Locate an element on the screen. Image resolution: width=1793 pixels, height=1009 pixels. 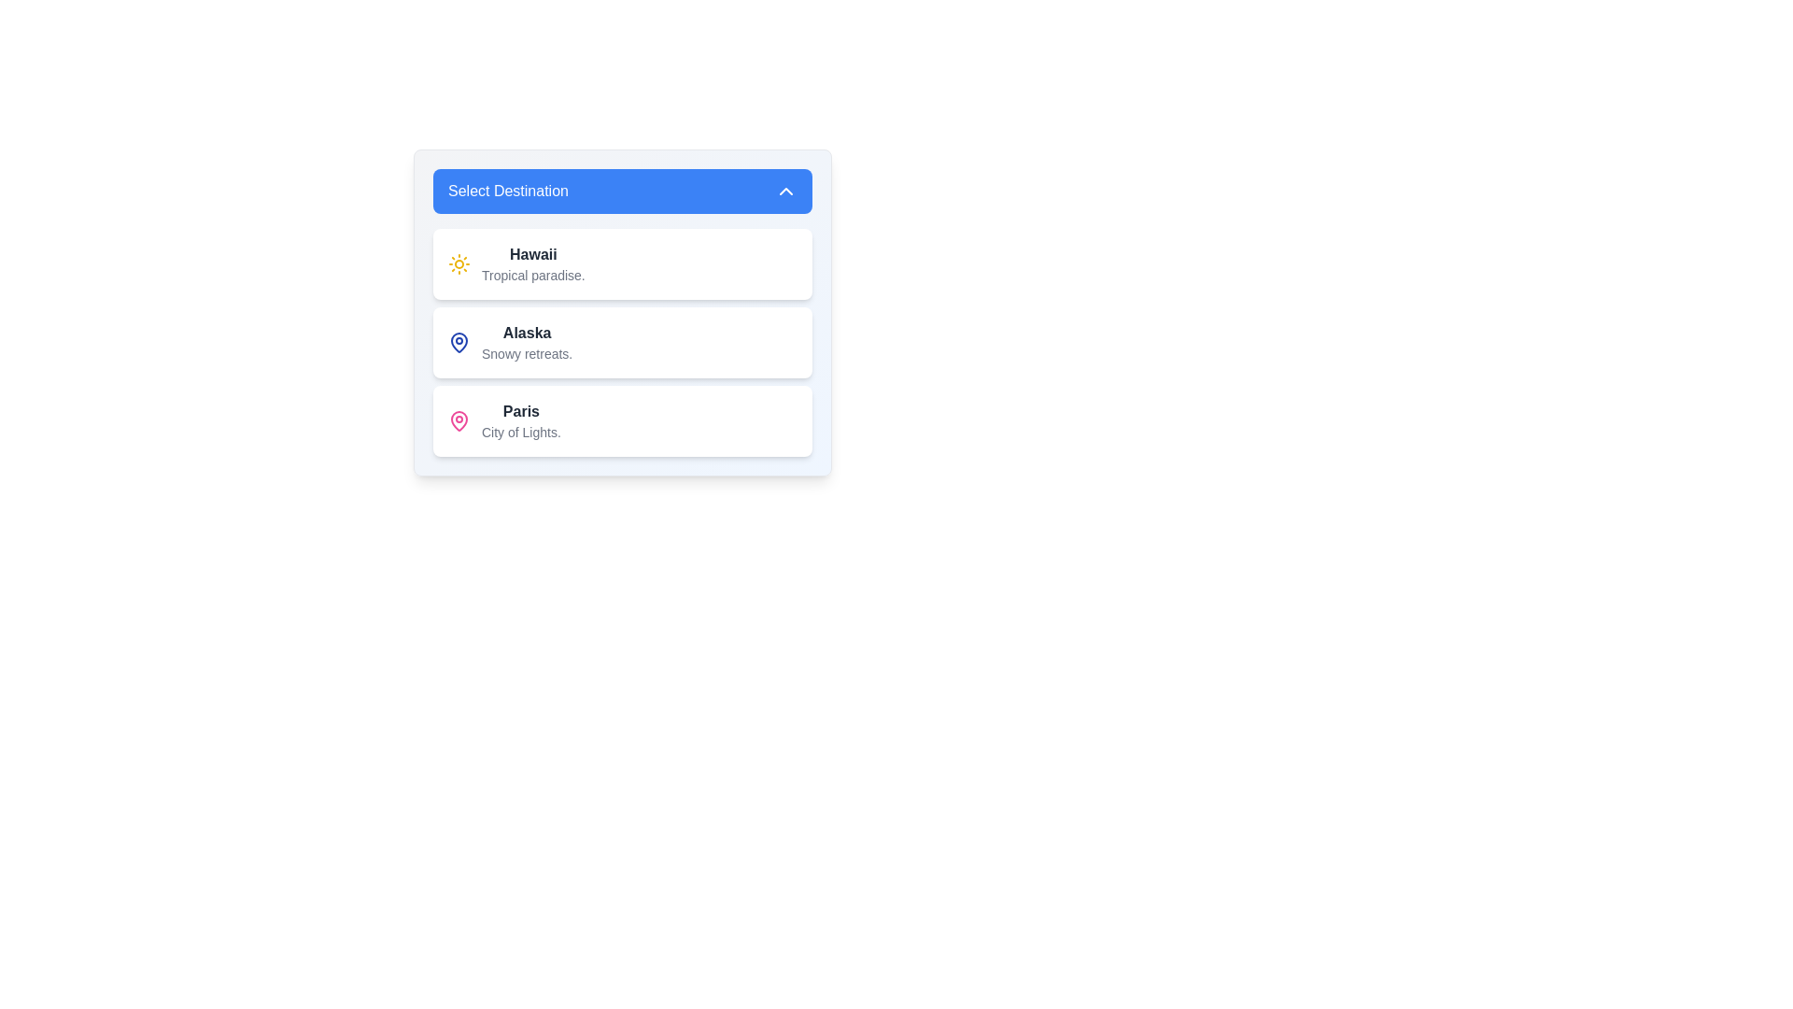
the text label titled 'Alaska', which serves as a destination title in a vertically stacked list of destinations is located at coordinates (526, 333).